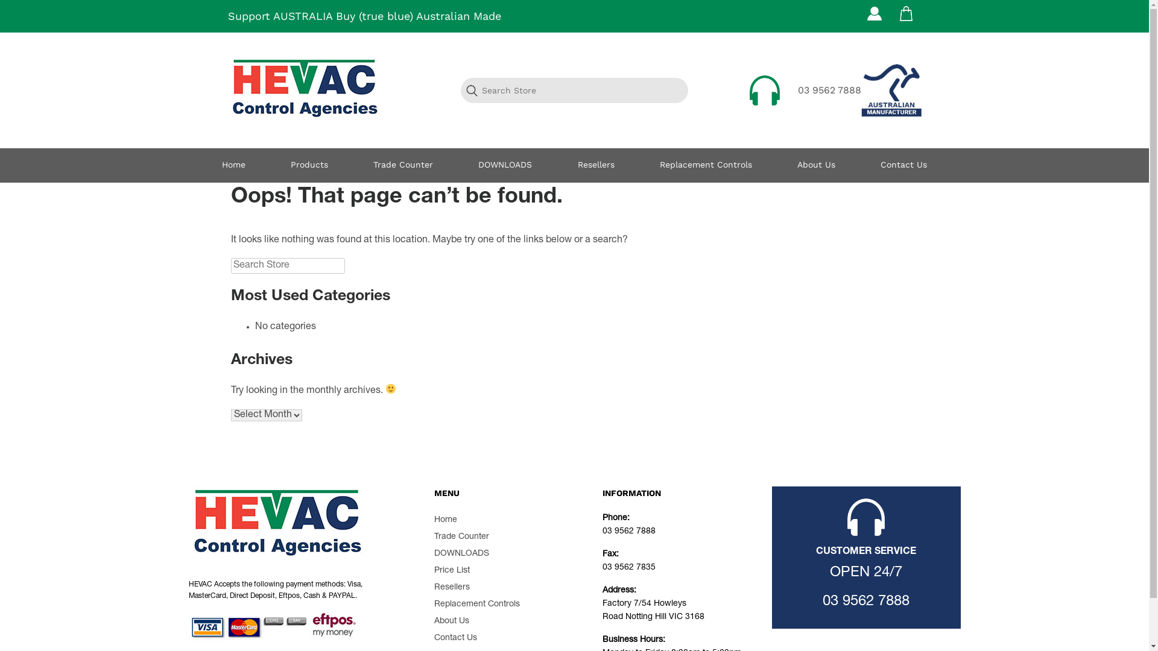 The width and height of the screenshot is (1158, 651). Describe the element at coordinates (476, 604) in the screenshot. I see `'Replacement Controls'` at that location.